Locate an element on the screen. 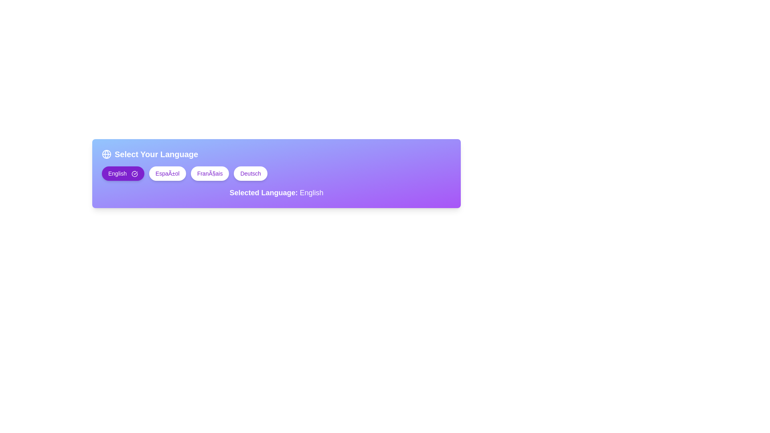 The width and height of the screenshot is (770, 433). the pill-shaped button with a purple background and white text labeled 'English' is located at coordinates (122, 173).